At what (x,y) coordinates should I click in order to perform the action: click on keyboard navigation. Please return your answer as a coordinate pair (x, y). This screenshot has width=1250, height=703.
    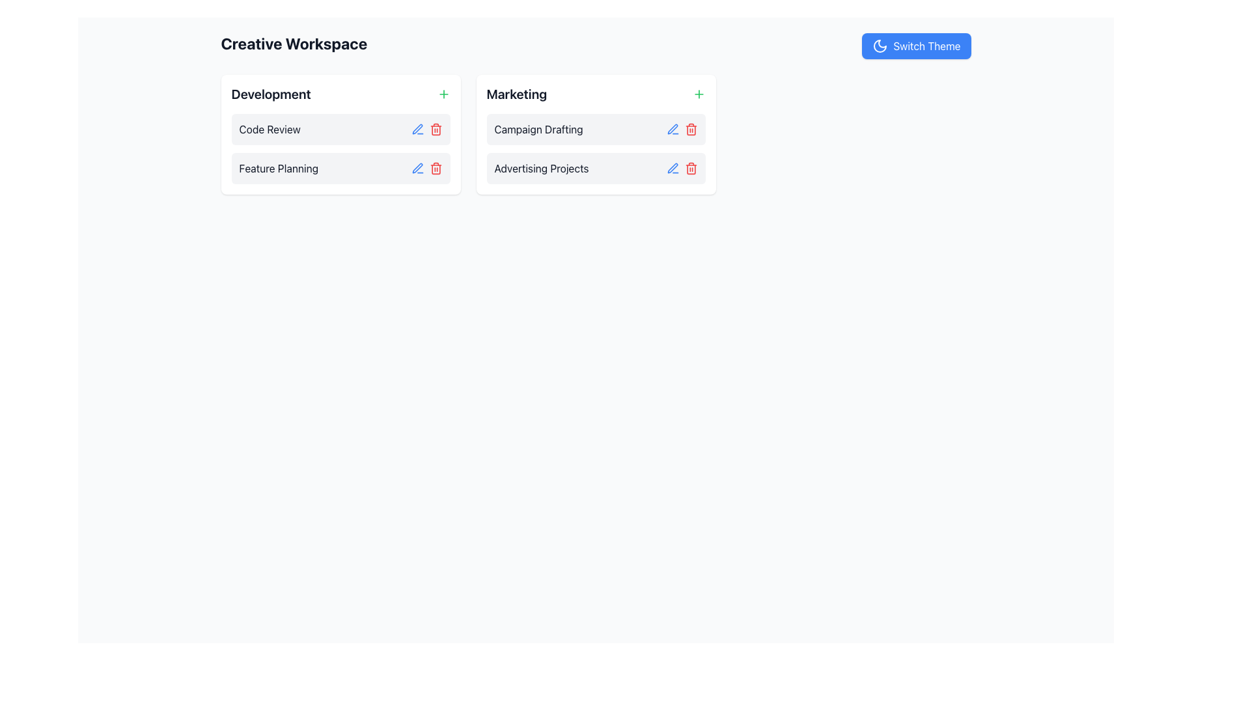
    Looking at the image, I should click on (915, 45).